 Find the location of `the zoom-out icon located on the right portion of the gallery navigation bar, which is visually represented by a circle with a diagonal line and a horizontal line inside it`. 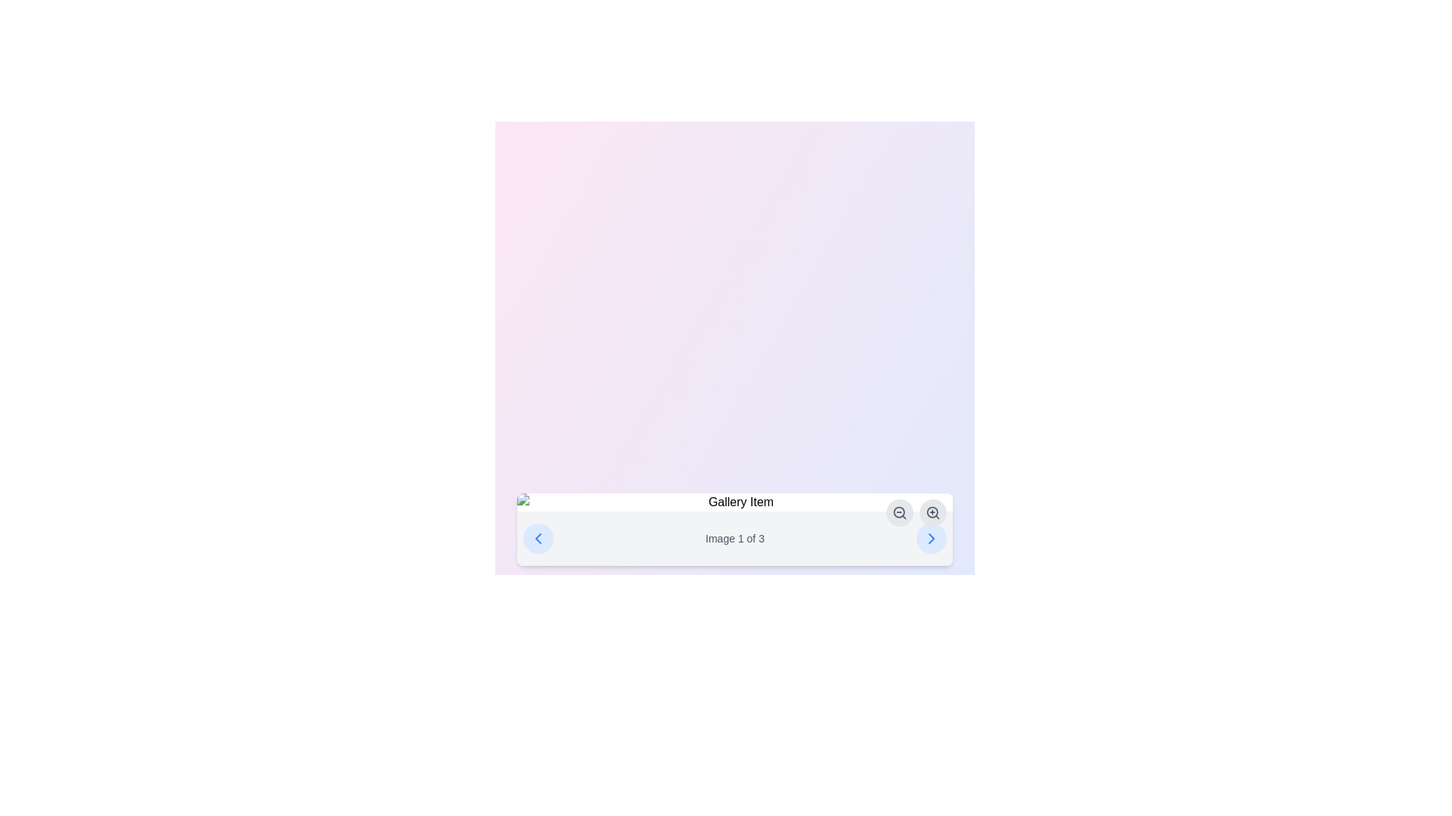

the zoom-out icon located on the right portion of the gallery navigation bar, which is visually represented by a circle with a diagonal line and a horizontal line inside it is located at coordinates (899, 512).